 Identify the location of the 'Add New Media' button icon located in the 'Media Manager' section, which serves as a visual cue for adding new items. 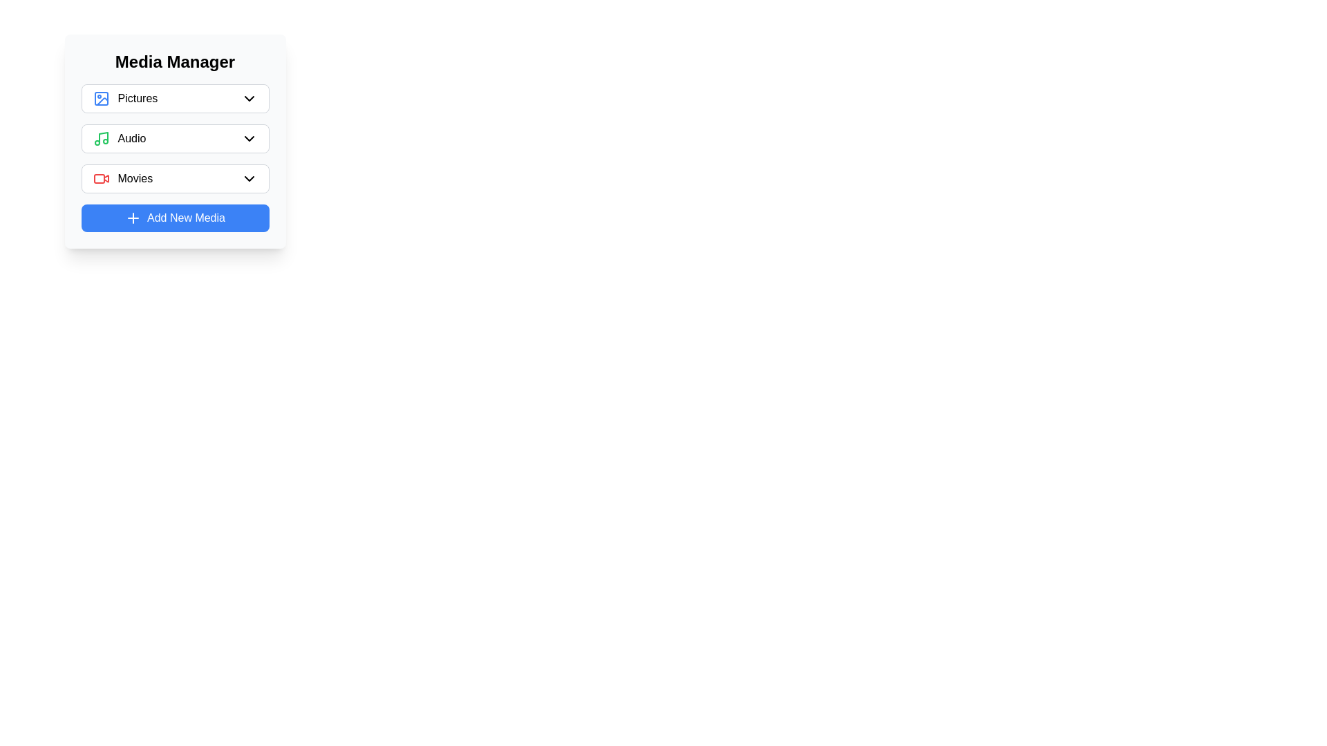
(133, 218).